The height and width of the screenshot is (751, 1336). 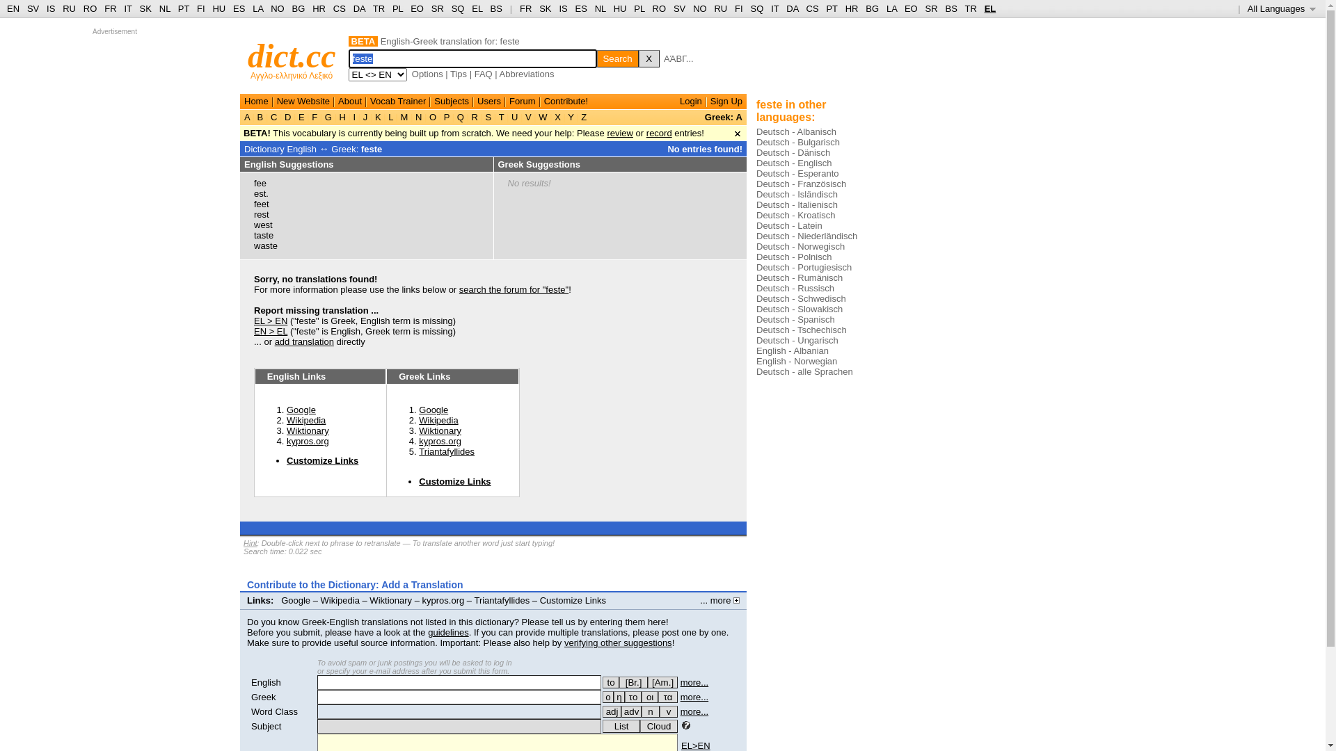 What do you see at coordinates (619, 133) in the screenshot?
I see `'review'` at bounding box center [619, 133].